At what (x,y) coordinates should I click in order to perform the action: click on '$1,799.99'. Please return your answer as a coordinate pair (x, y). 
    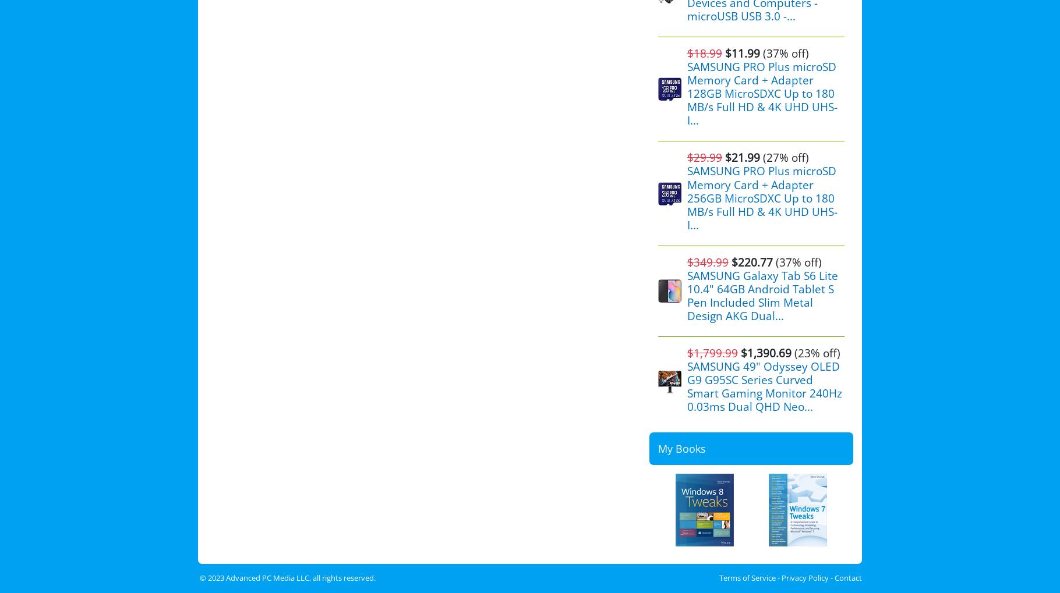
    Looking at the image, I should click on (712, 352).